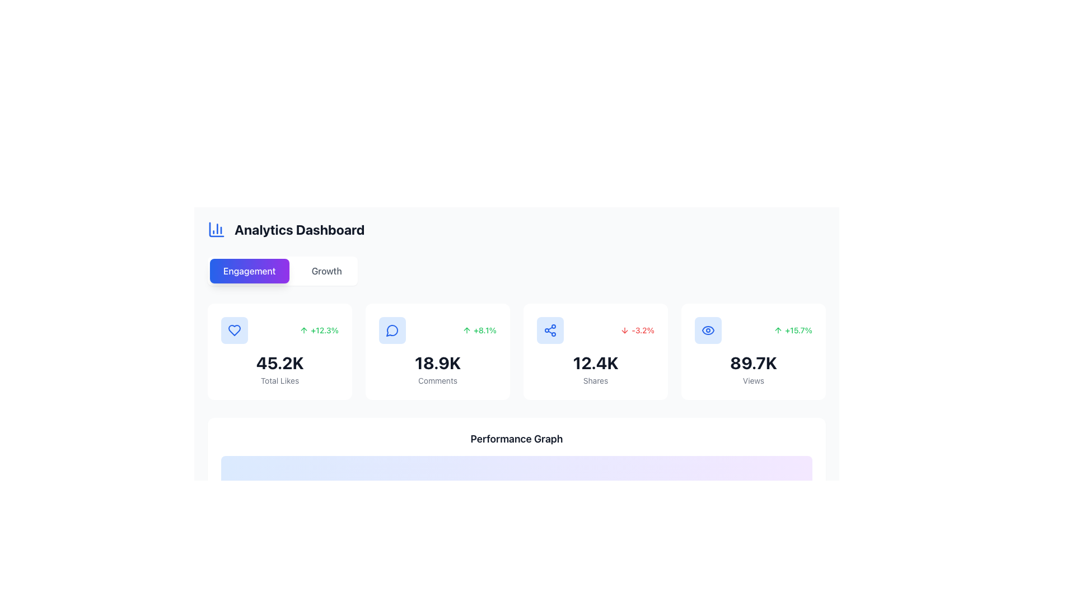 This screenshot has width=1075, height=605. Describe the element at coordinates (624, 330) in the screenshot. I see `the minimalist downwards arrow icon located to the left of the '-3.2%' text in red, which is above the '12.4K Shares' card in the dashboard layout` at that location.